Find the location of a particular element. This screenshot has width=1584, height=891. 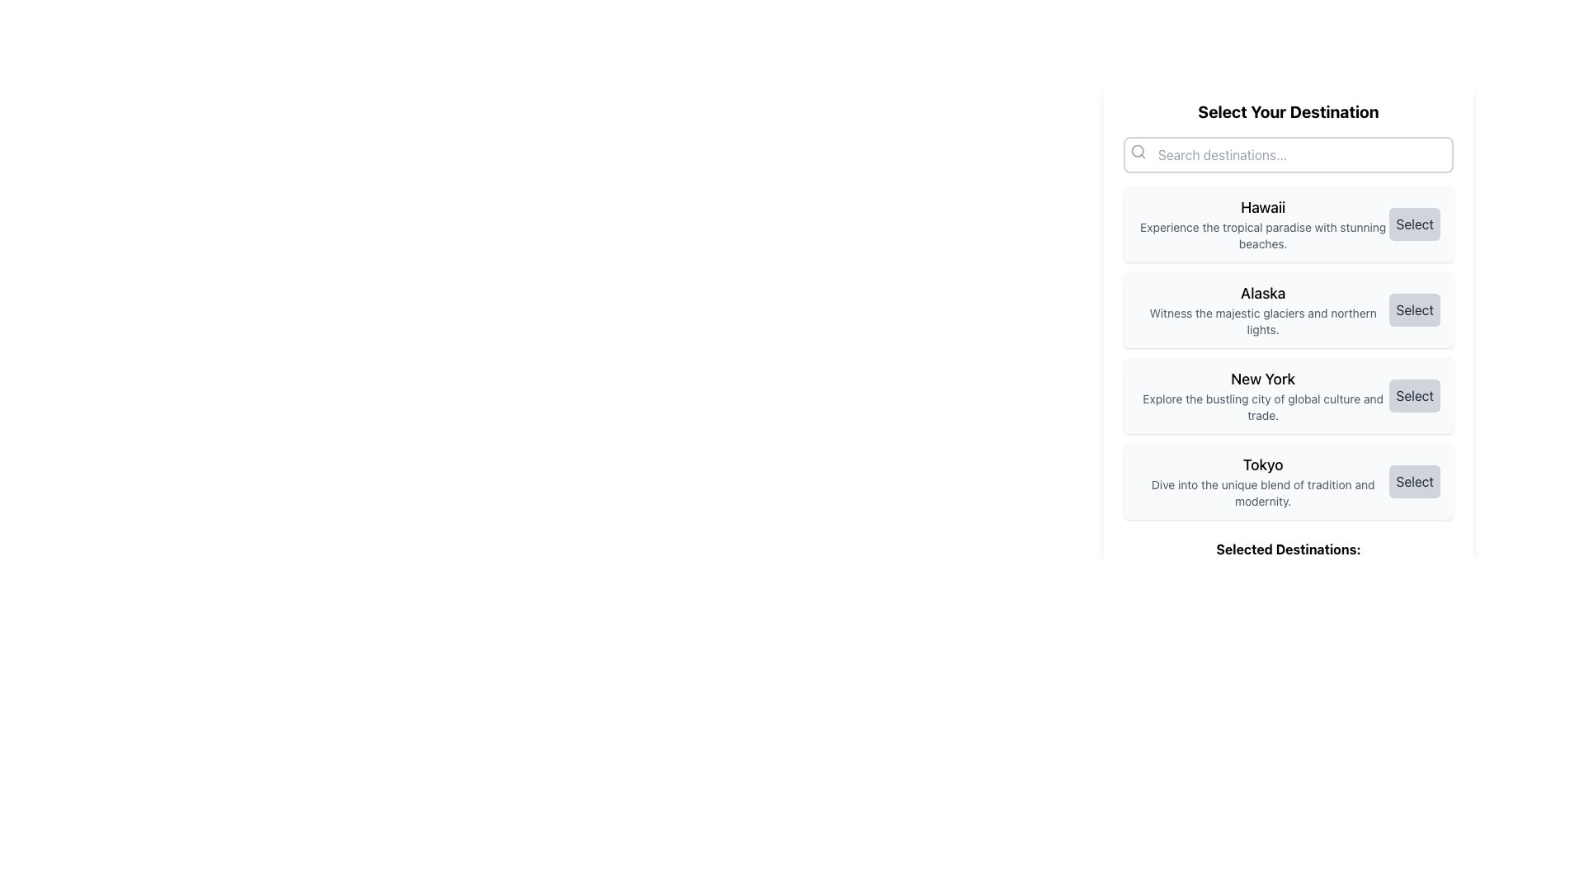

the button located at the far right of the 'Alaska' card is located at coordinates (1414, 309).